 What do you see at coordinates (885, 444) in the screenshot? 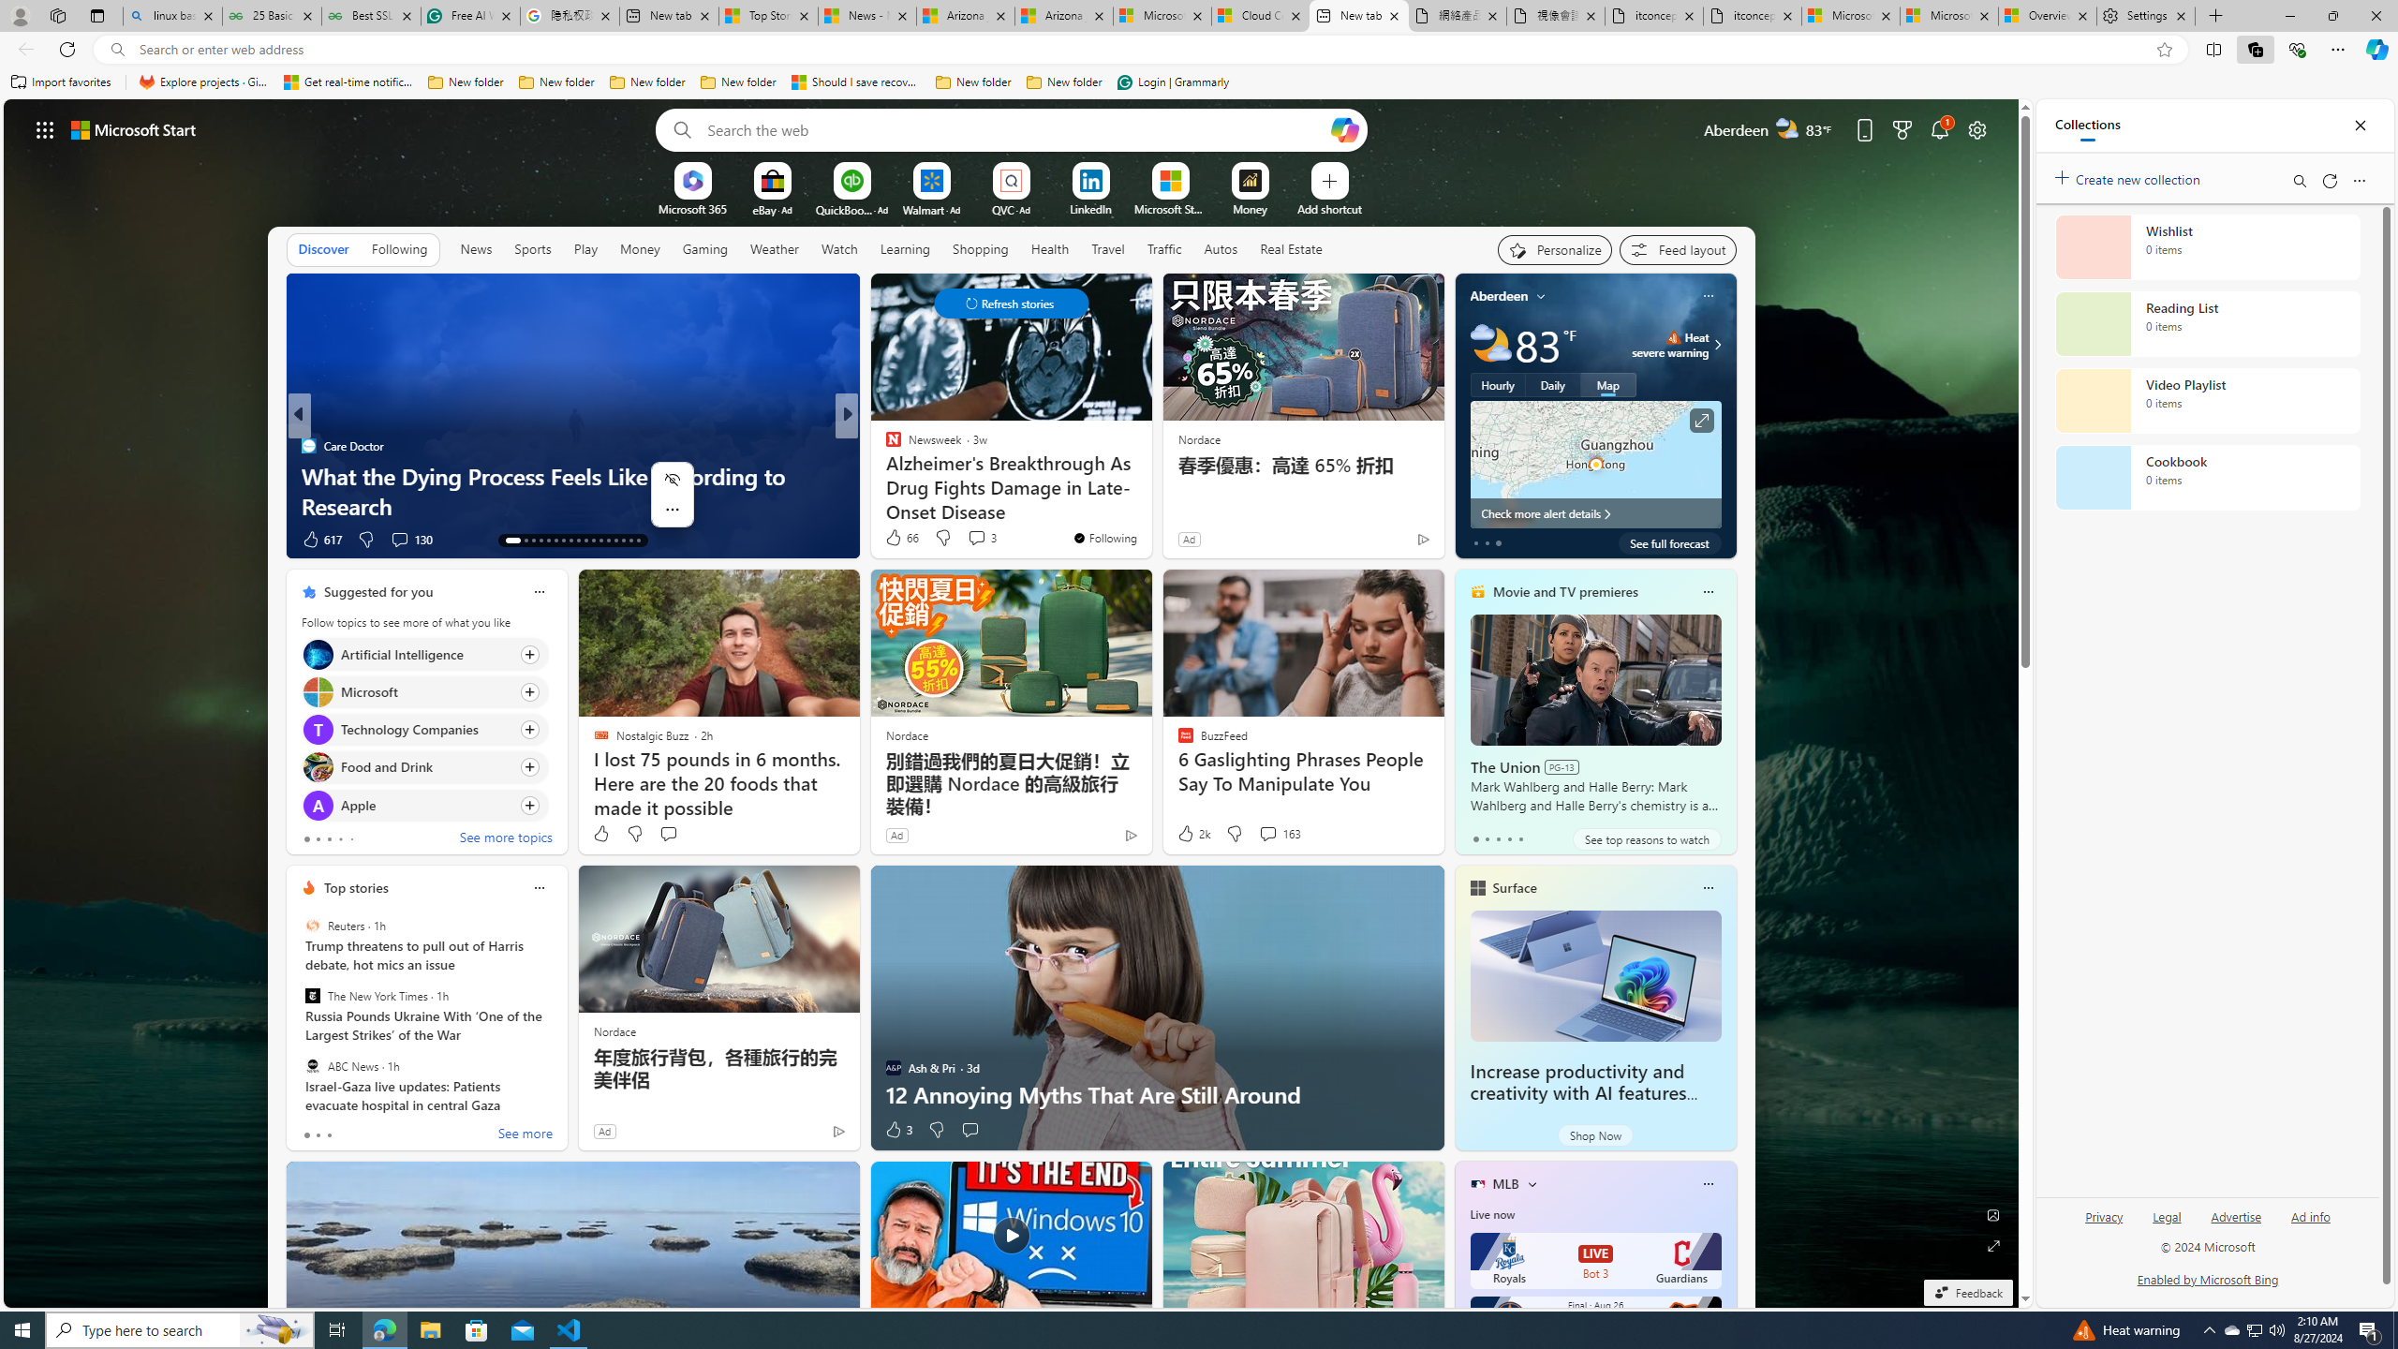
I see `'The Weather Channel'` at bounding box center [885, 444].